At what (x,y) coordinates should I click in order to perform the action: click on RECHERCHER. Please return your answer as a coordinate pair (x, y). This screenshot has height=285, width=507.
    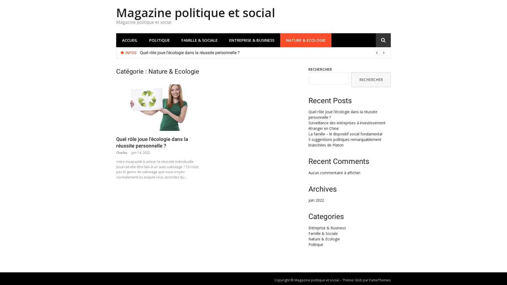
    Looking at the image, I should click on (371, 79).